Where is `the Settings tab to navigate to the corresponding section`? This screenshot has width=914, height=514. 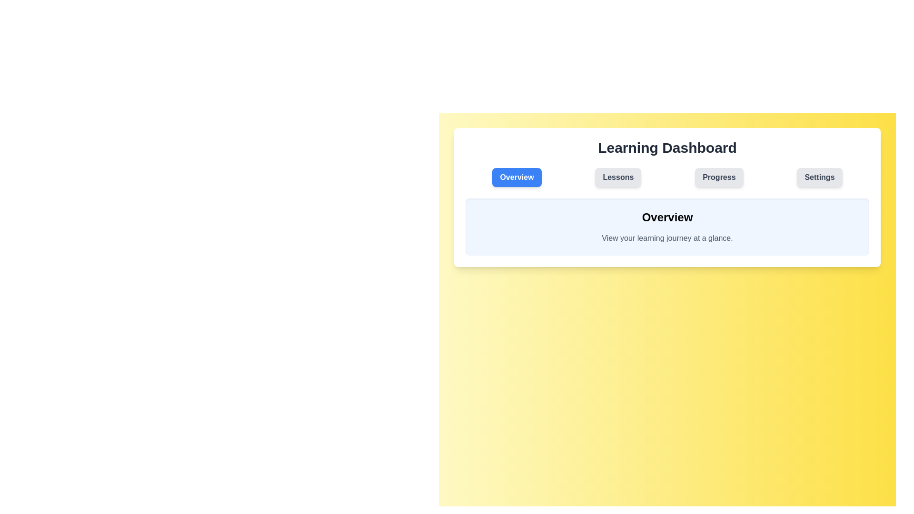
the Settings tab to navigate to the corresponding section is located at coordinates (819, 178).